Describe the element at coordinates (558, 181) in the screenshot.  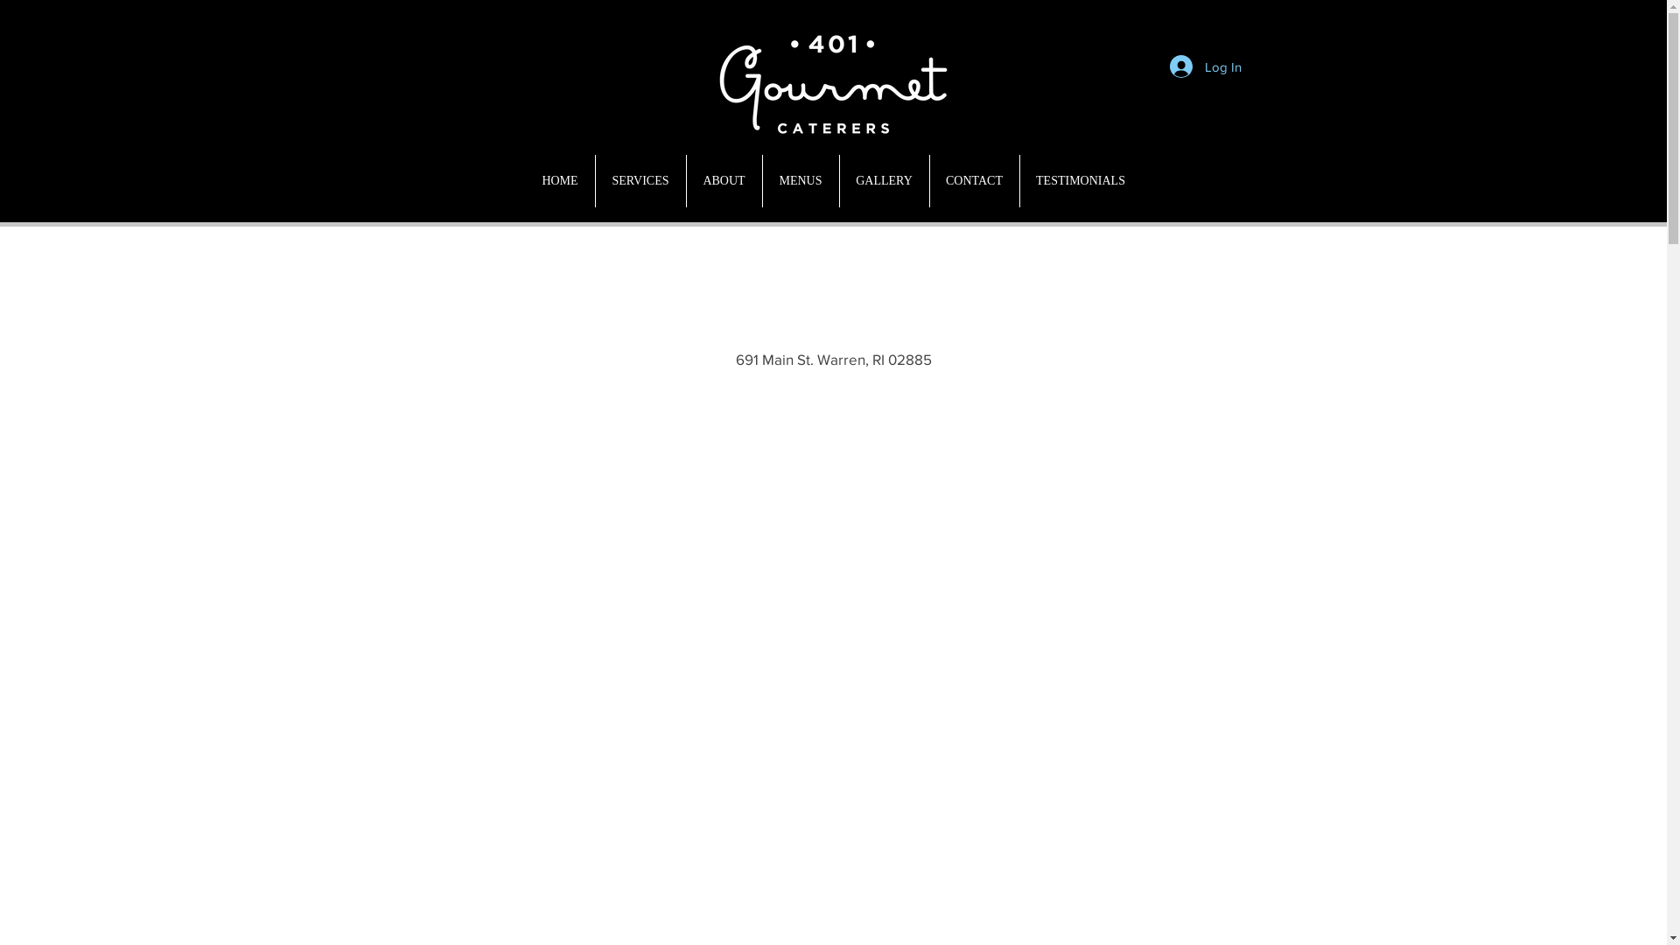
I see `'HOME'` at that location.